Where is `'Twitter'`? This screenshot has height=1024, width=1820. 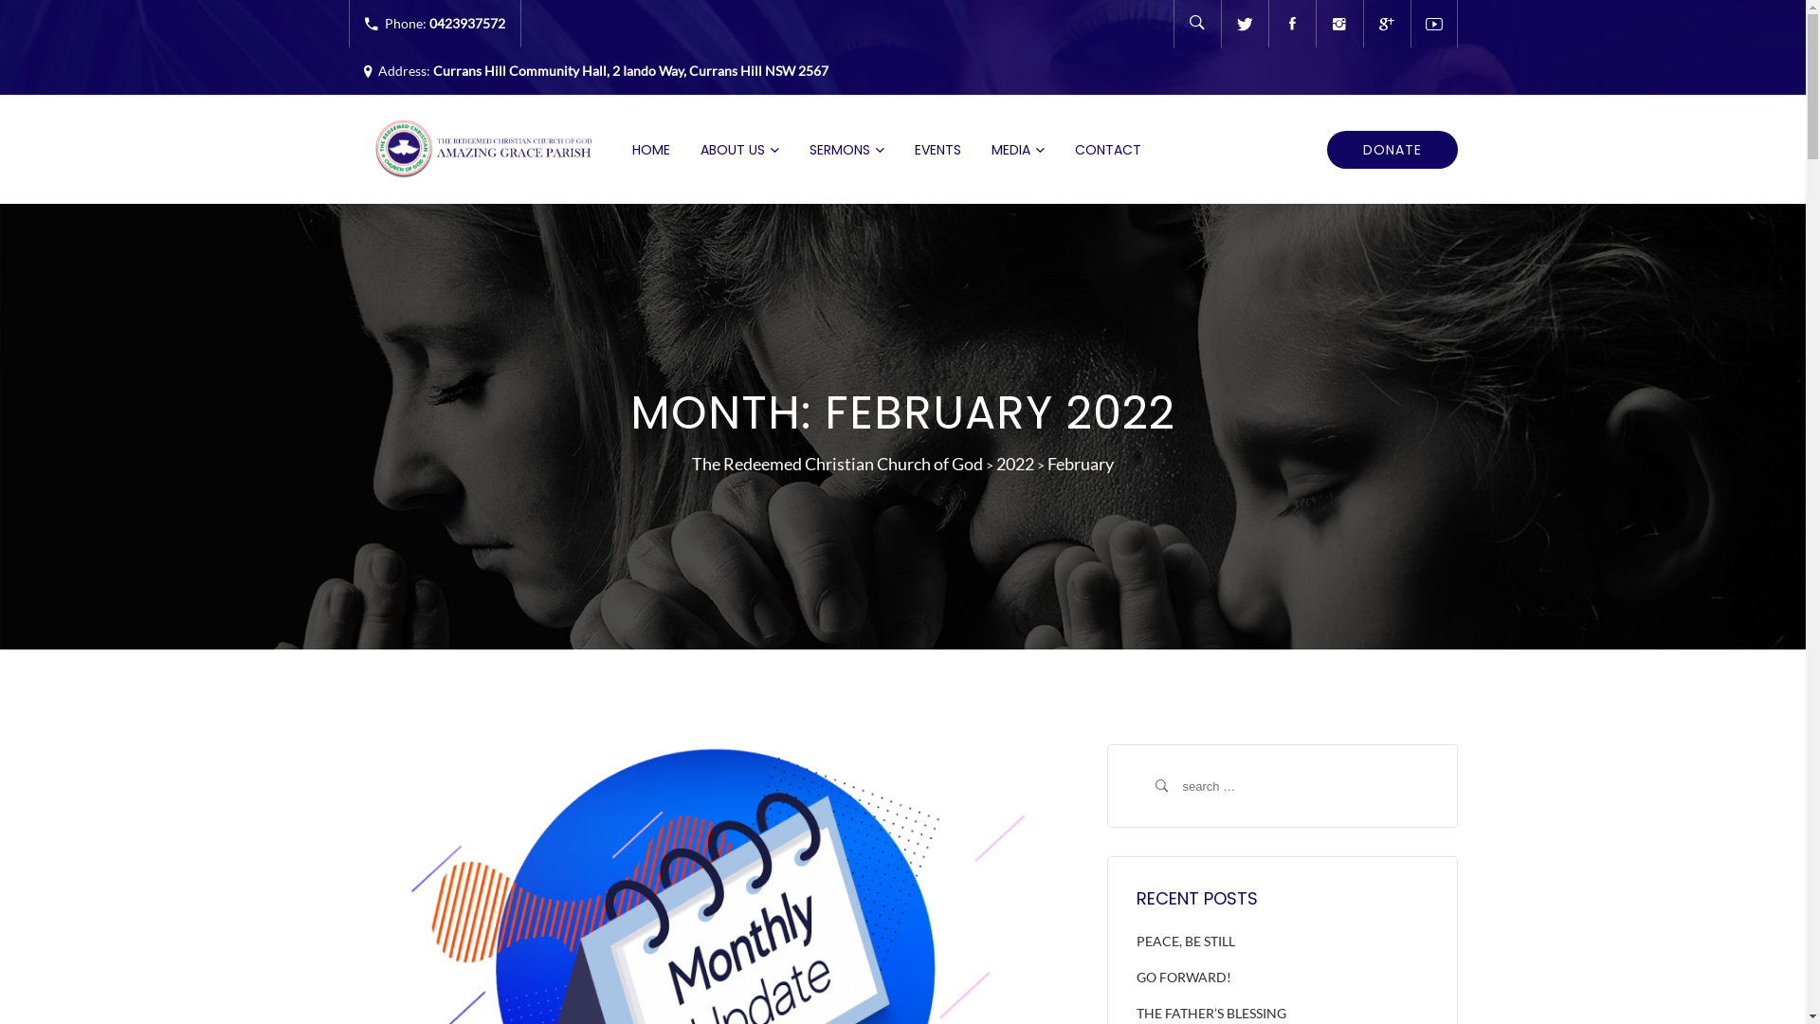 'Twitter' is located at coordinates (1245, 23).